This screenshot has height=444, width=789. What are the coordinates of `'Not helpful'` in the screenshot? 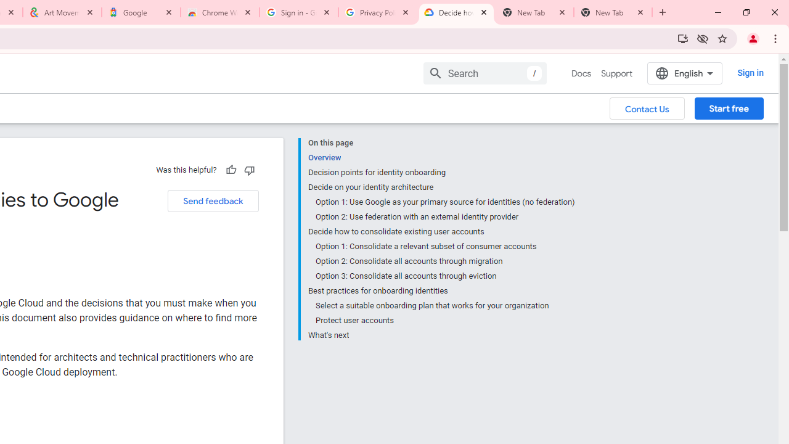 It's located at (248, 170).